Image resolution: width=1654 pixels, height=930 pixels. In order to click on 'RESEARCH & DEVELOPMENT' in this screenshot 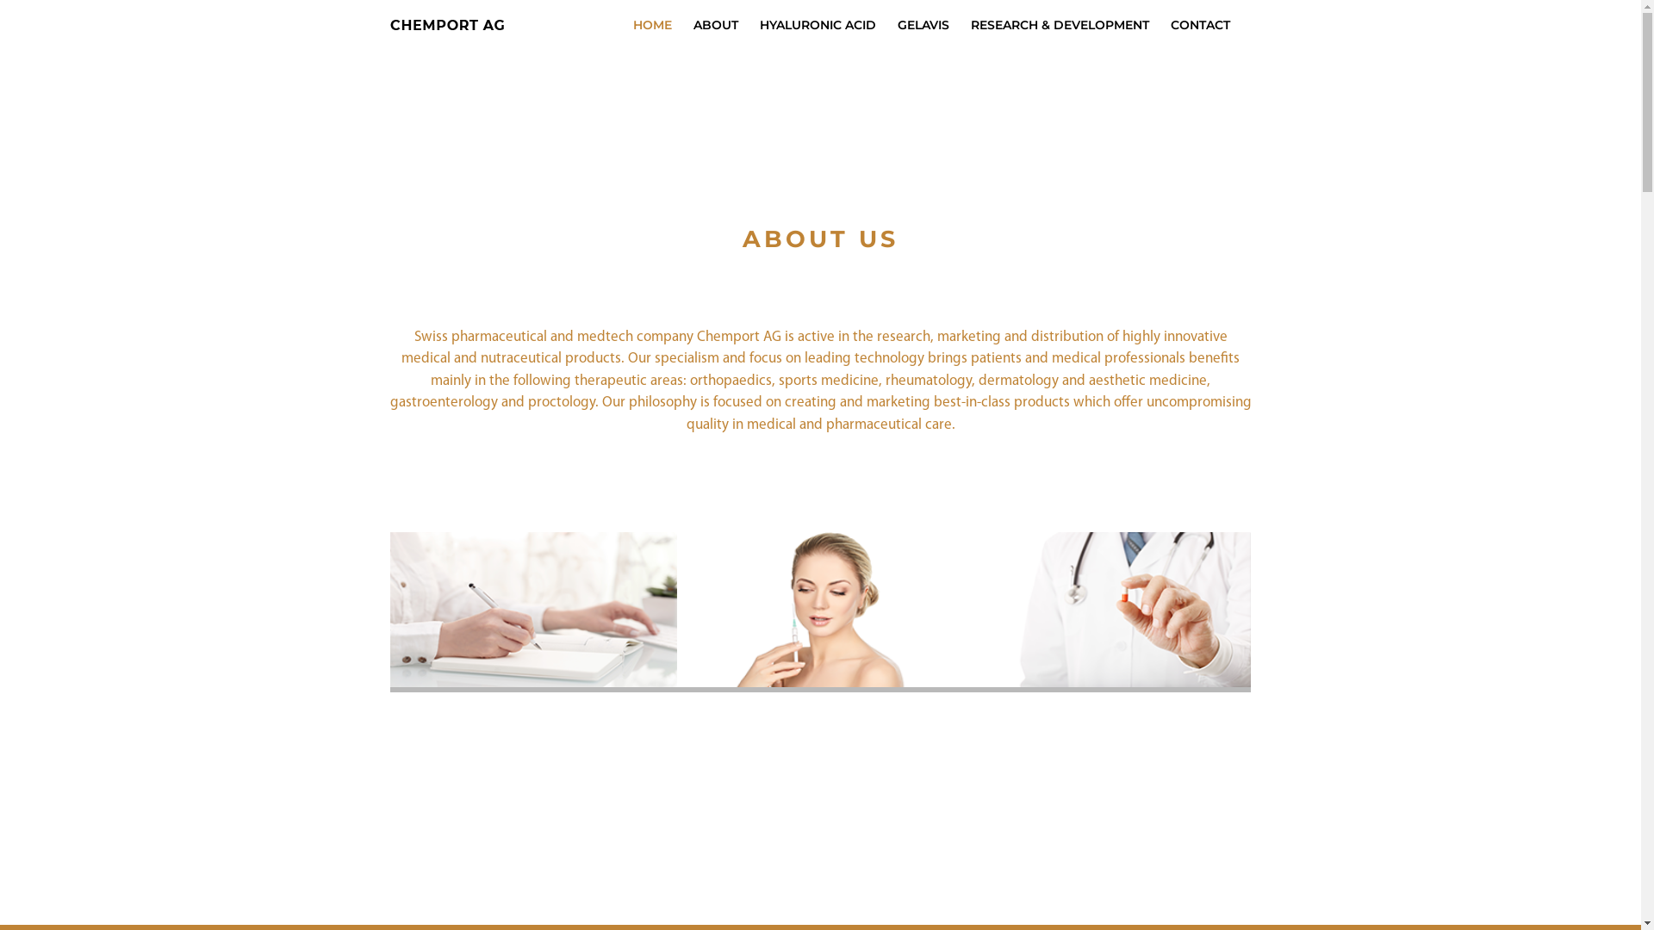, I will do `click(1058, 25)`.